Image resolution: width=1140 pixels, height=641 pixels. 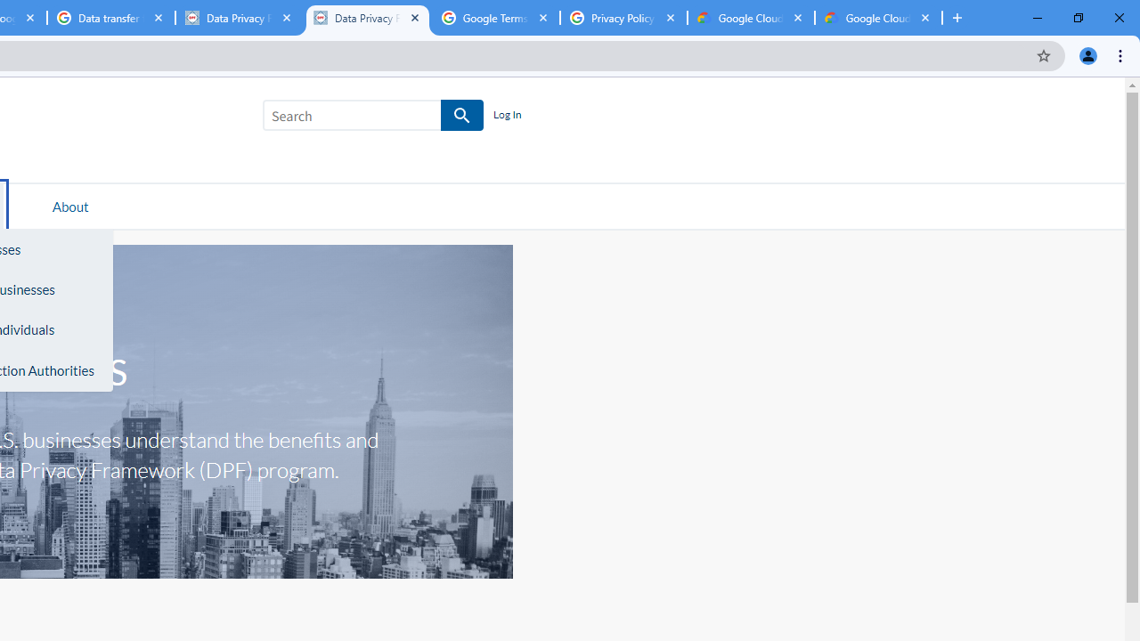 What do you see at coordinates (70, 205) in the screenshot?
I see `'About'` at bounding box center [70, 205].